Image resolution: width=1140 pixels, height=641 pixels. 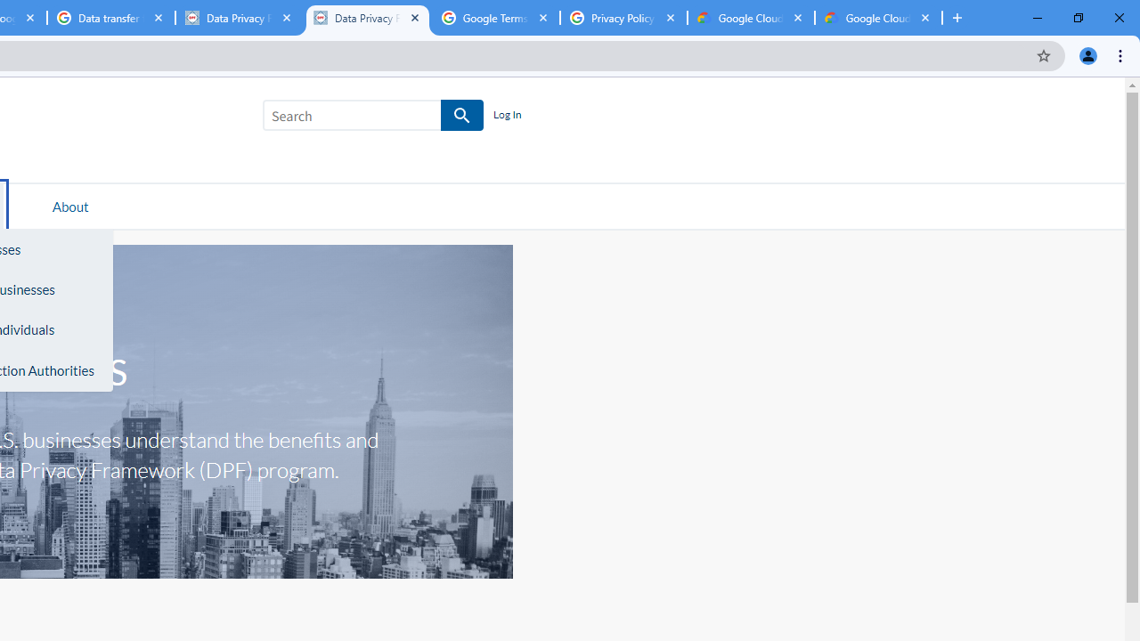 What do you see at coordinates (70, 205) in the screenshot?
I see `'About'` at bounding box center [70, 205].